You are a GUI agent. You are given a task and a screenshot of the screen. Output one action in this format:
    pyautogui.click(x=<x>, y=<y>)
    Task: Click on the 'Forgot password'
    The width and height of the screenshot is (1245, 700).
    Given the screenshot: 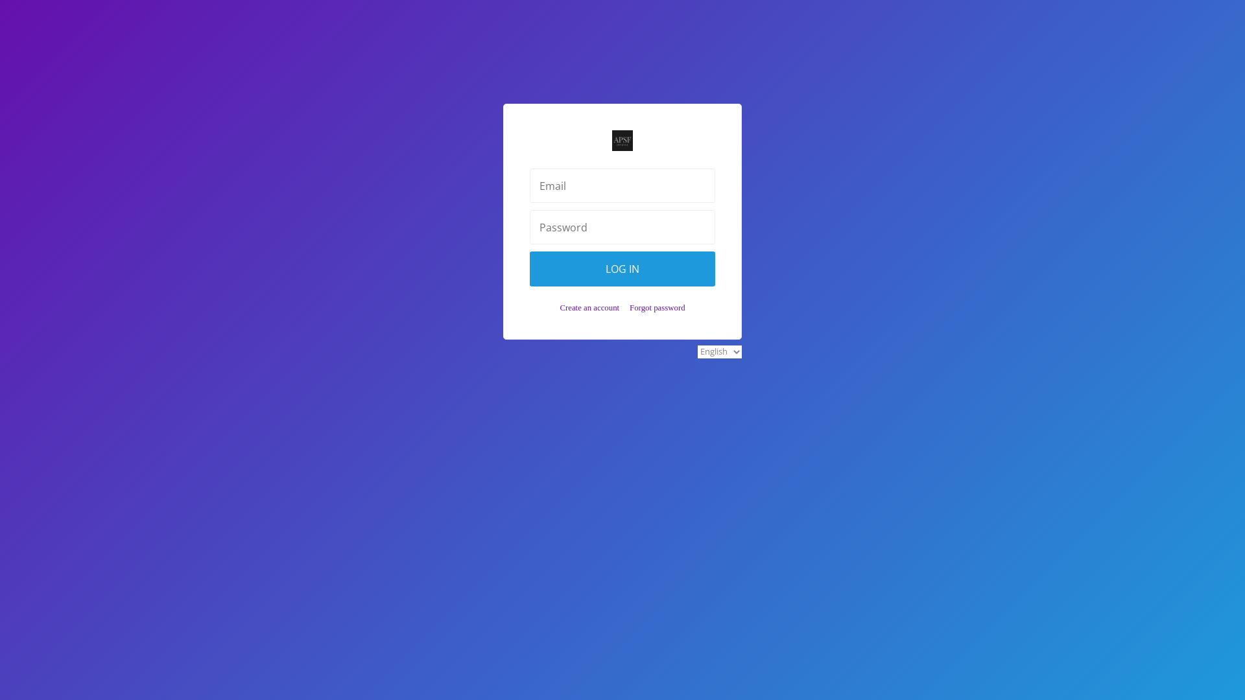 What is the action you would take?
    pyautogui.click(x=657, y=307)
    